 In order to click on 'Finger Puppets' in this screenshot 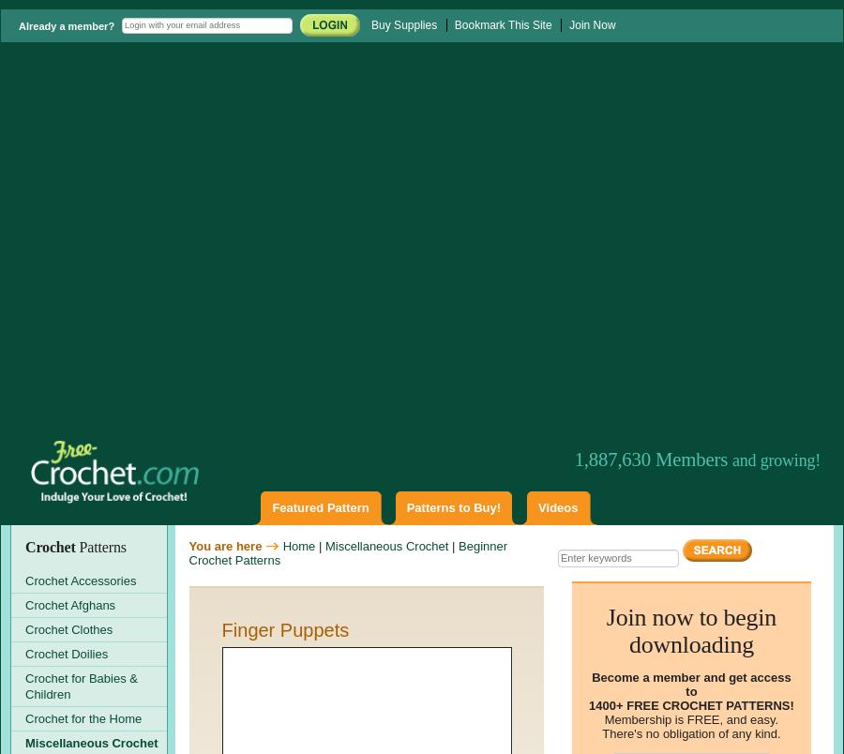, I will do `click(284, 628)`.